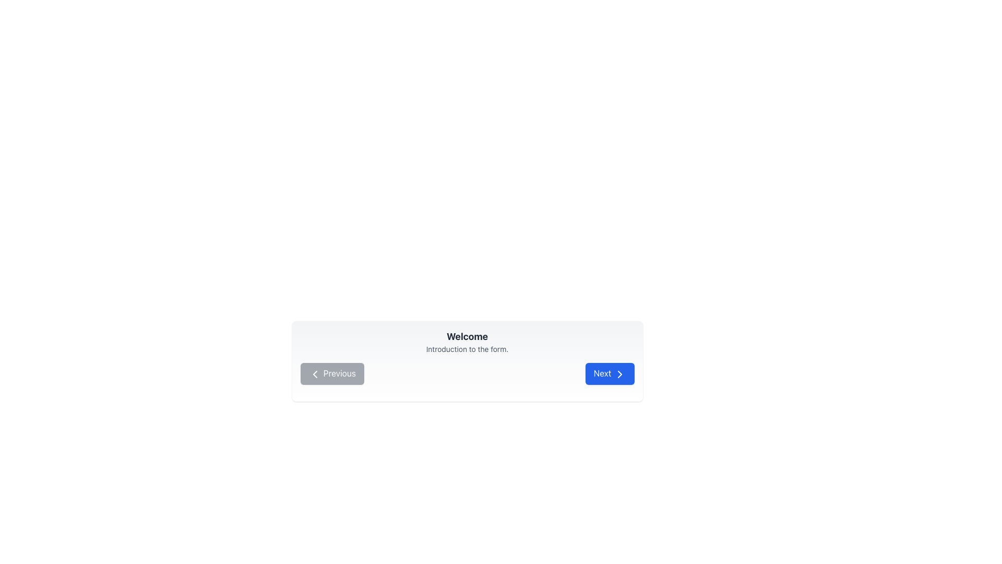 This screenshot has width=1002, height=564. What do you see at coordinates (610, 373) in the screenshot?
I see `the blue 'Next' button with white text and an arrow icon, located at the bottom right of the interface panel` at bounding box center [610, 373].